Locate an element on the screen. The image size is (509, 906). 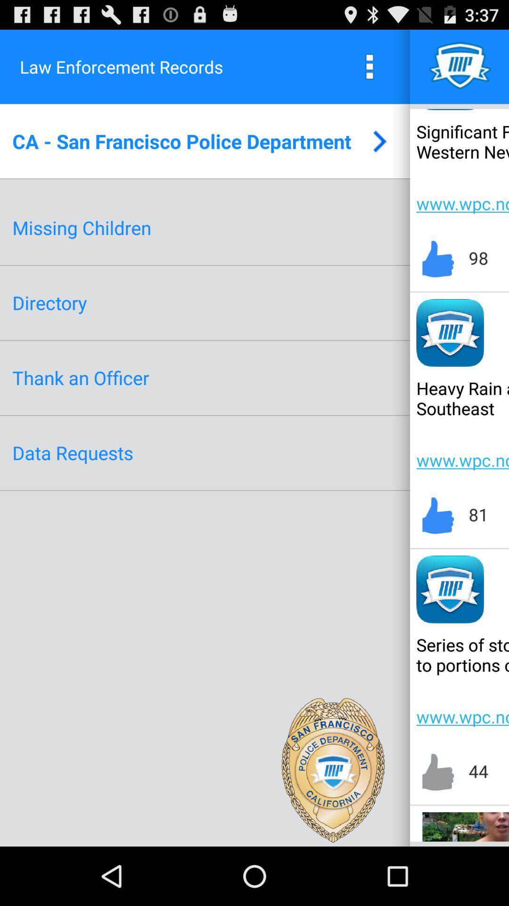
app below the missing children is located at coordinates (49, 302).